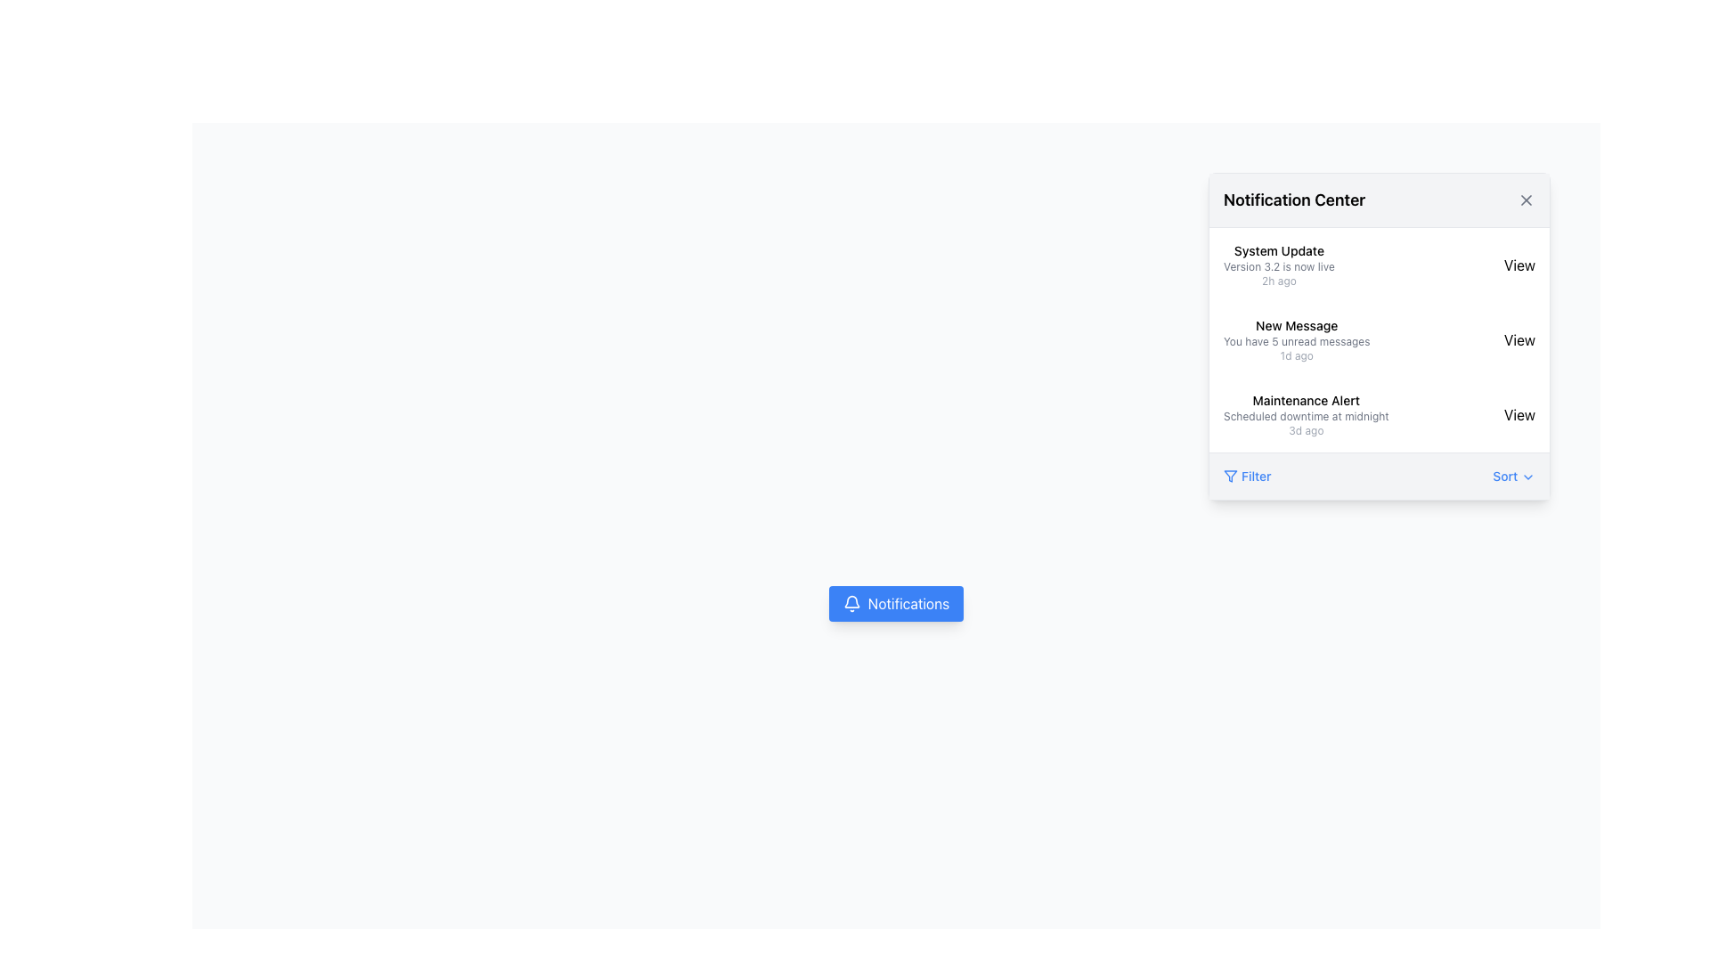 This screenshot has width=1710, height=962. What do you see at coordinates (1379, 337) in the screenshot?
I see `the Notification Panel located in the upper right section of the interface, which displays recent notifications with actionable links` at bounding box center [1379, 337].